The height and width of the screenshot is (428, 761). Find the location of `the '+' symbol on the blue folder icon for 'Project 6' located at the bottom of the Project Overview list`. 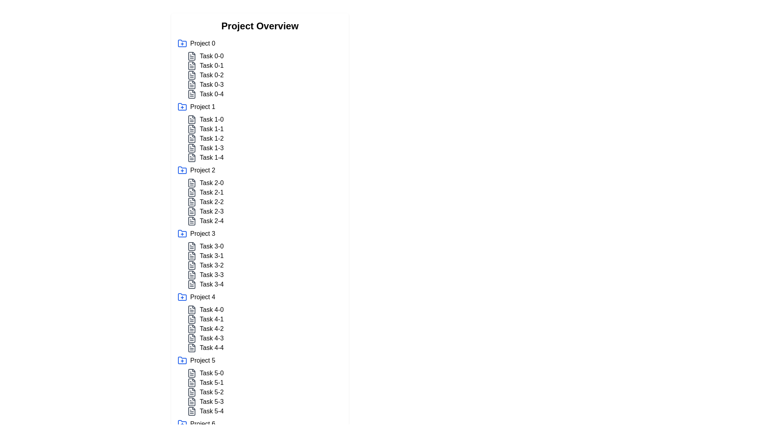

the '+' symbol on the blue folder icon for 'Project 6' located at the bottom of the Project Overview list is located at coordinates (182, 423).